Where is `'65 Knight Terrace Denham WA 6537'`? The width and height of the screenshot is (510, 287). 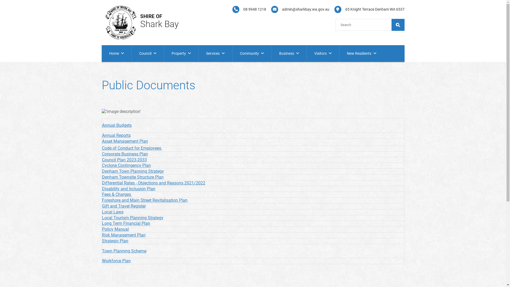 '65 Knight Terrace Denham WA 6537' is located at coordinates (367, 9).